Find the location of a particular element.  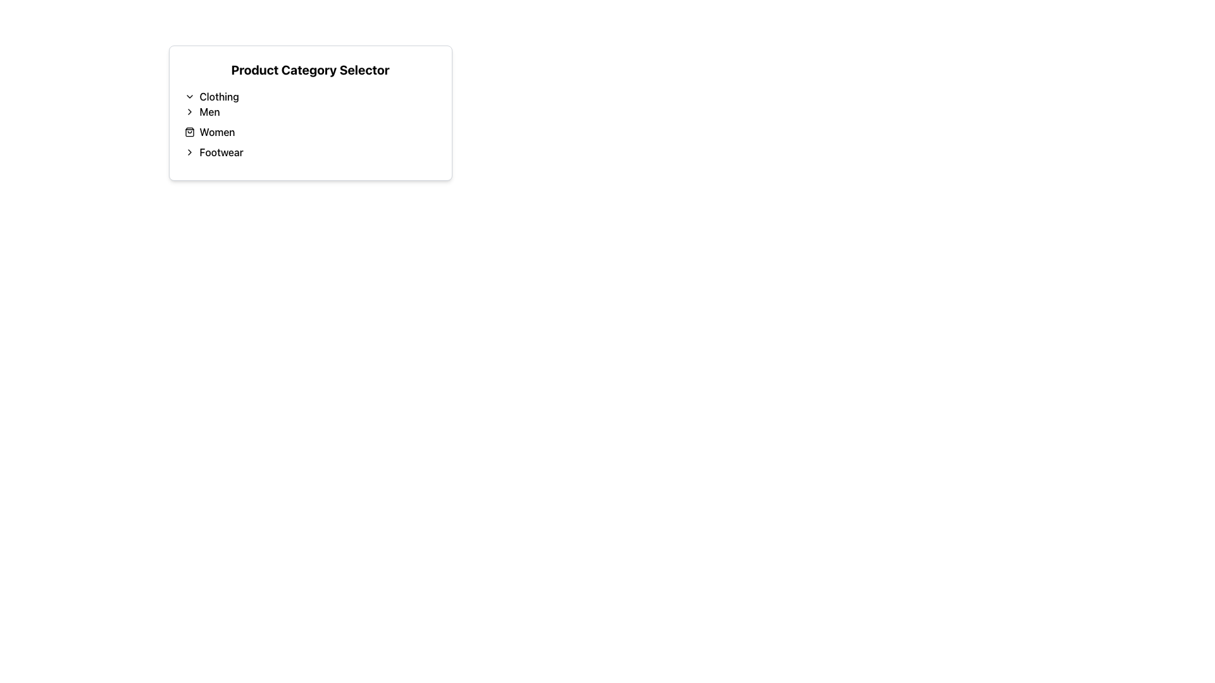

the Chevron Icon located to the left of the 'Footwear' label is located at coordinates (189, 151).